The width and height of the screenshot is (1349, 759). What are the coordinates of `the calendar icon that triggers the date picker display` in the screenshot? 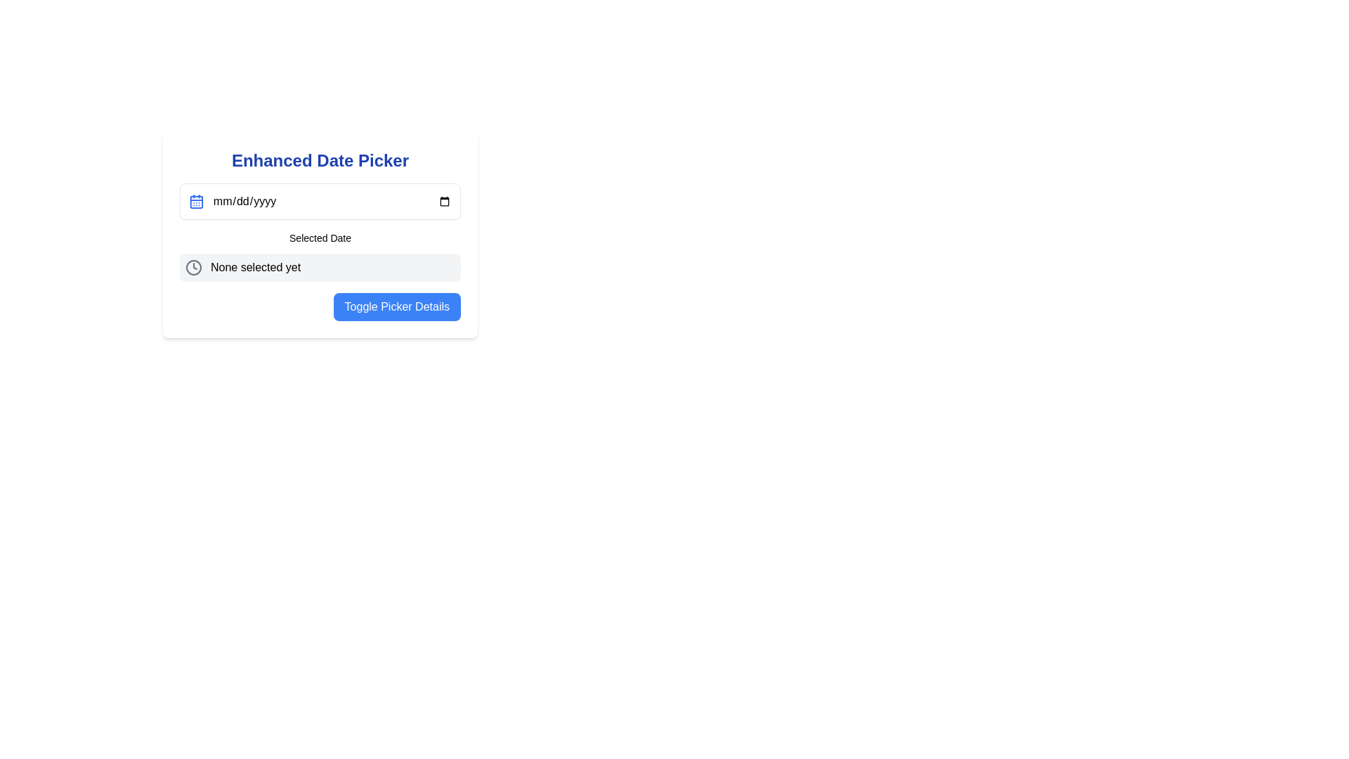 It's located at (195, 201).